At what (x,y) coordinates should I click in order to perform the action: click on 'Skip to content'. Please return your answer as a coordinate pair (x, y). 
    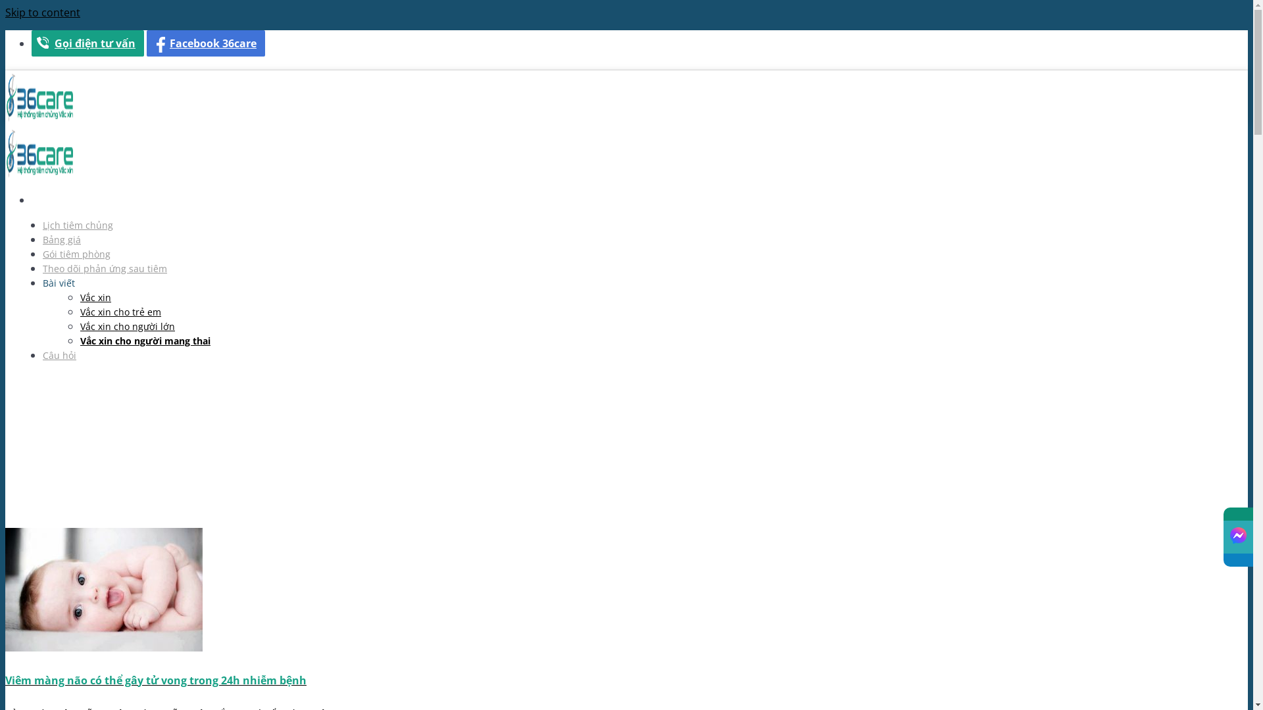
    Looking at the image, I should click on (43, 12).